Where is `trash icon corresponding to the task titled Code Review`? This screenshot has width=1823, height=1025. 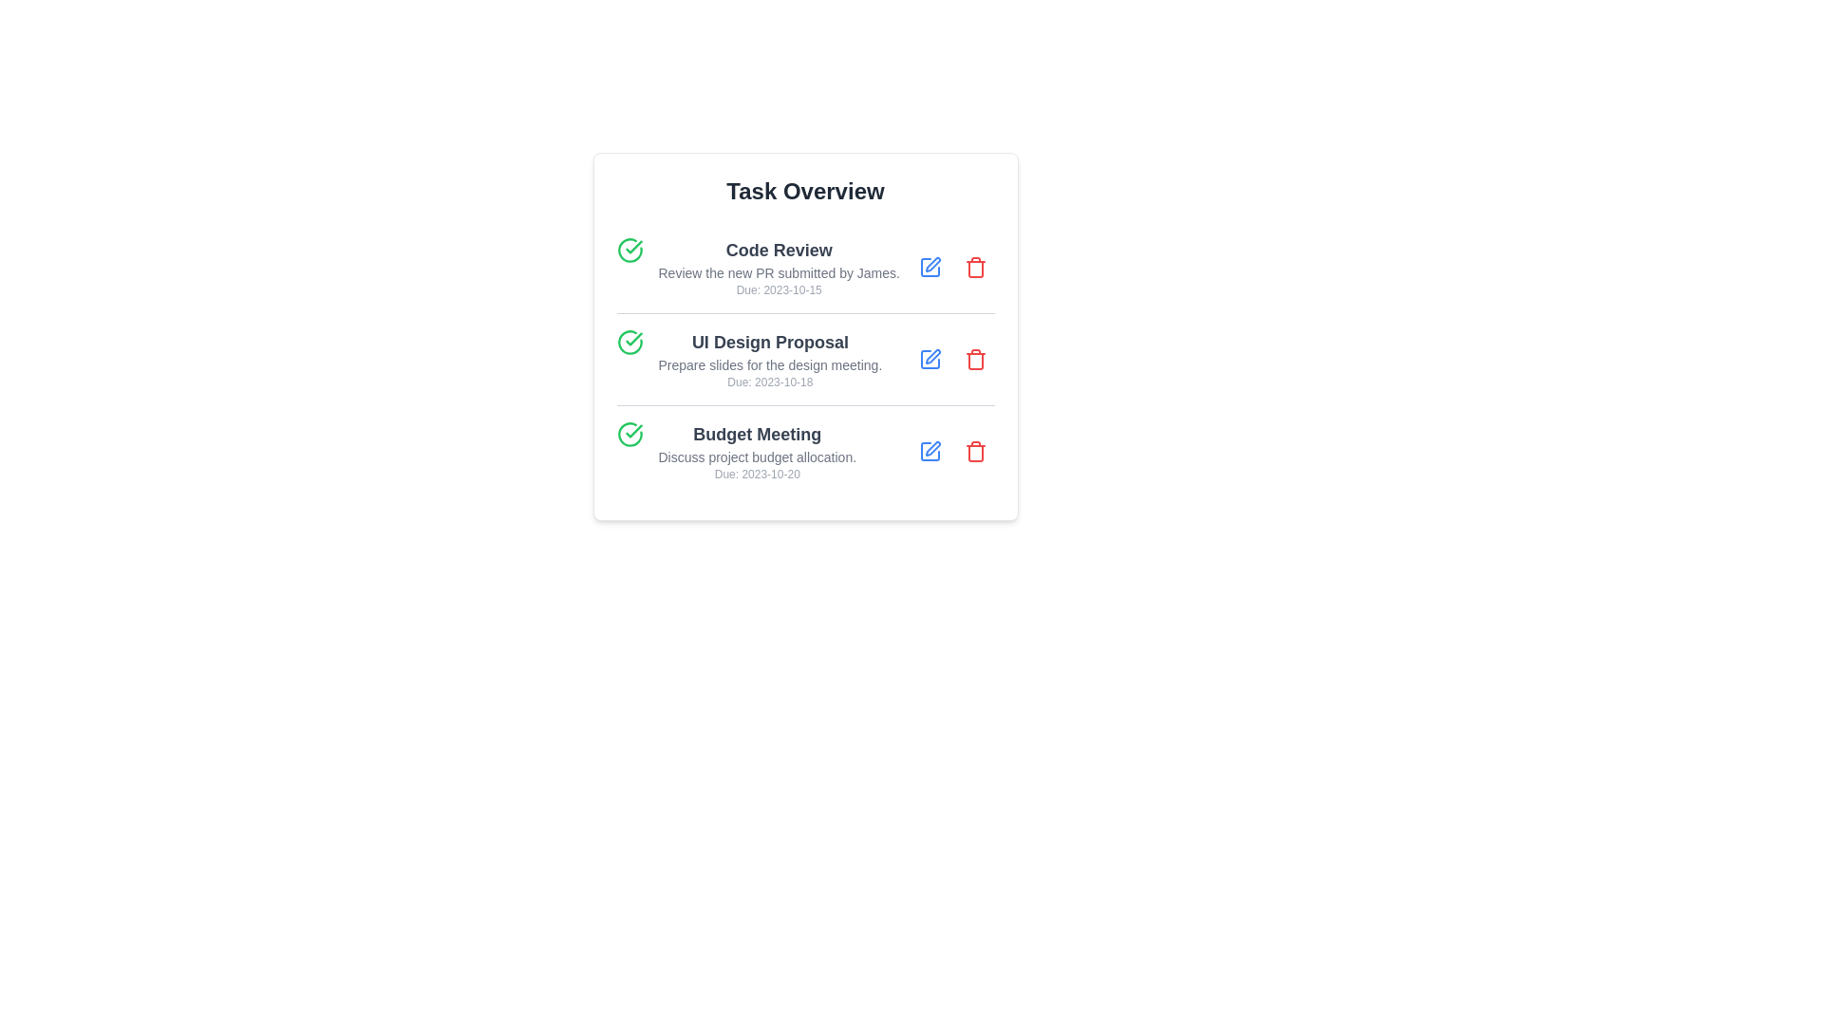
trash icon corresponding to the task titled Code Review is located at coordinates (975, 267).